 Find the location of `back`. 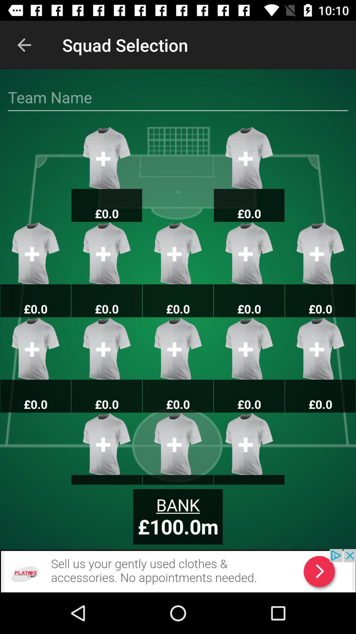

back is located at coordinates (178, 570).